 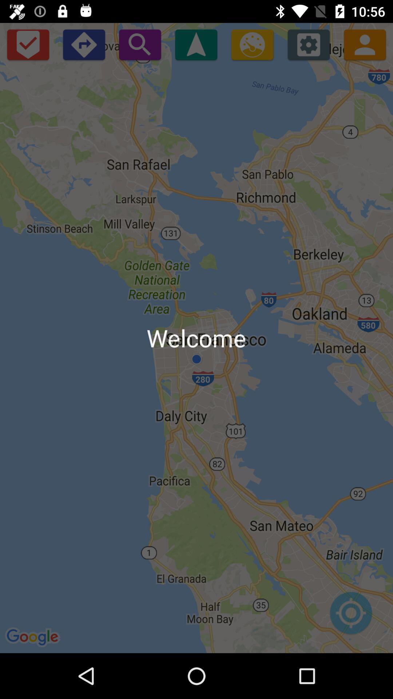 I want to click on open settings, so click(x=309, y=44).